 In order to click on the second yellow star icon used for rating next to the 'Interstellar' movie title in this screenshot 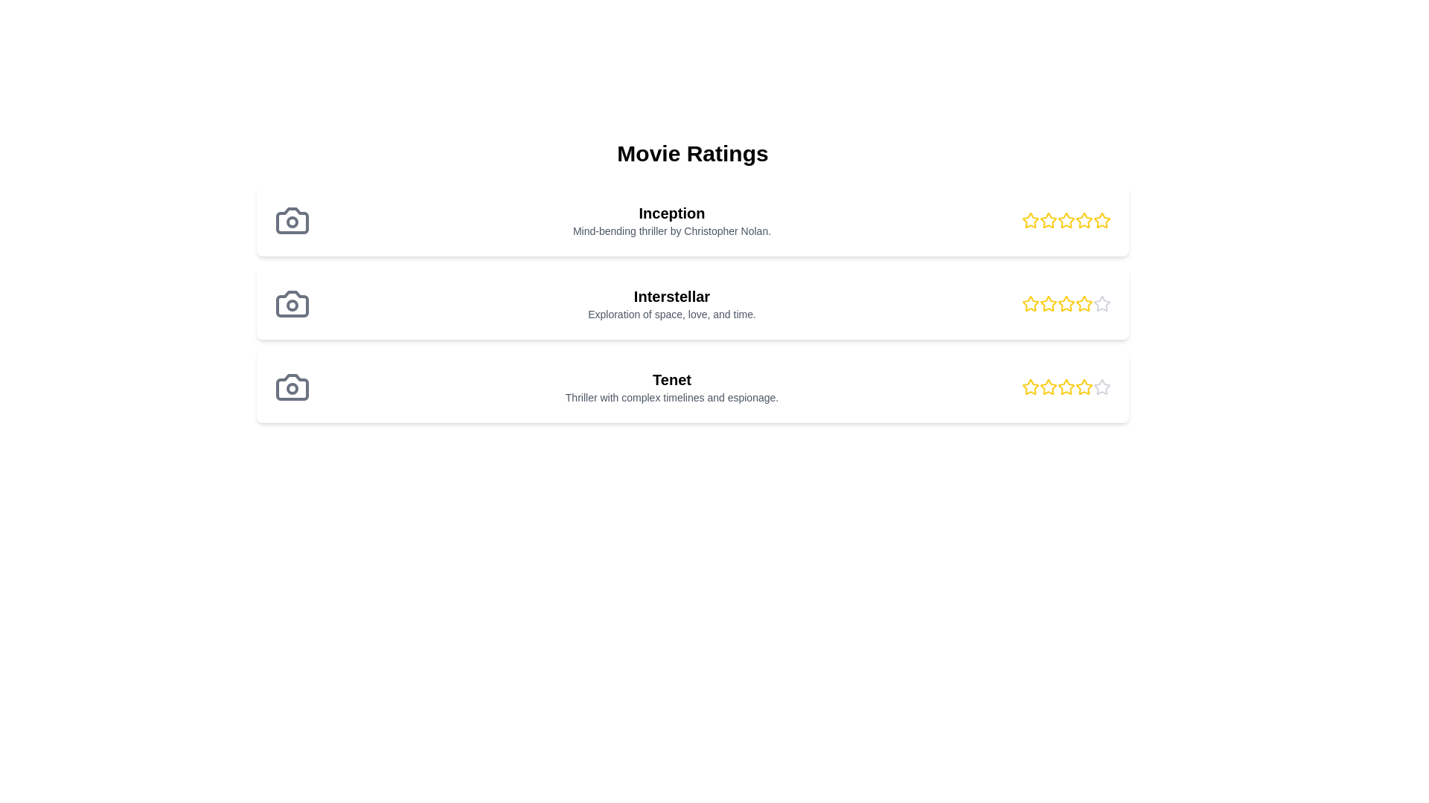, I will do `click(1030, 303)`.